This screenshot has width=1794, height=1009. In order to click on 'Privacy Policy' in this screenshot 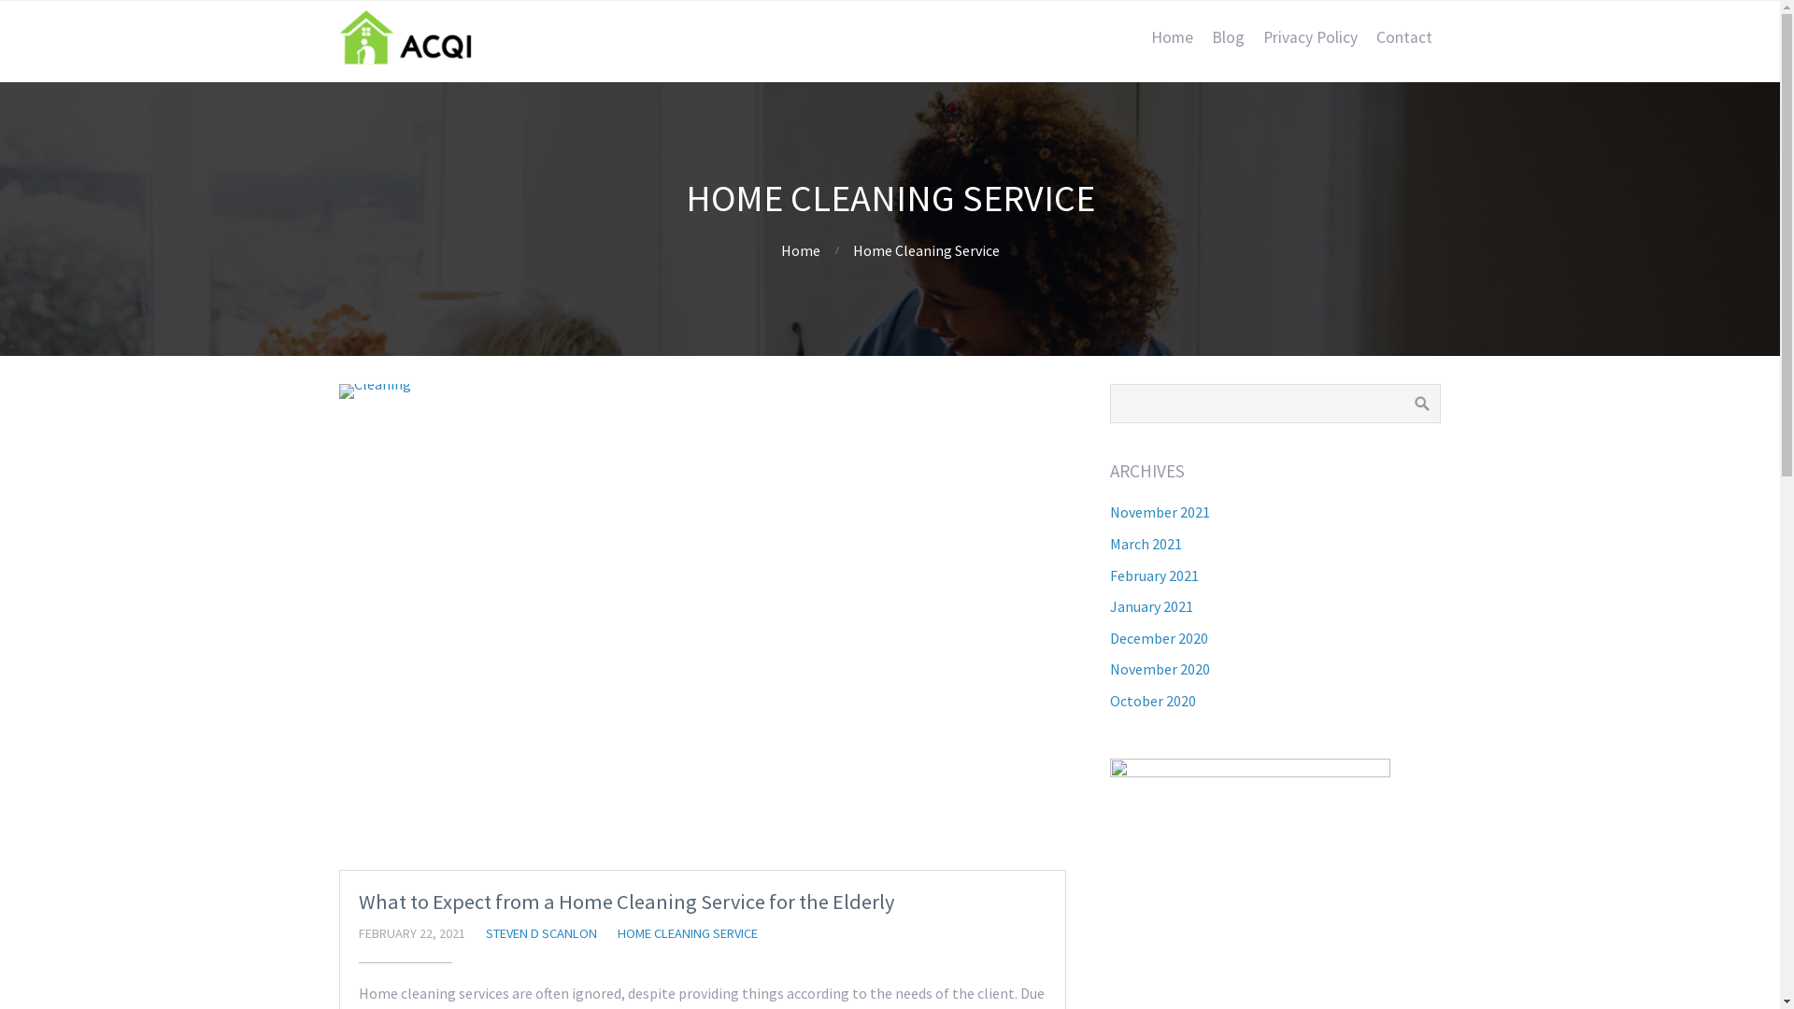, I will do `click(1254, 36)`.